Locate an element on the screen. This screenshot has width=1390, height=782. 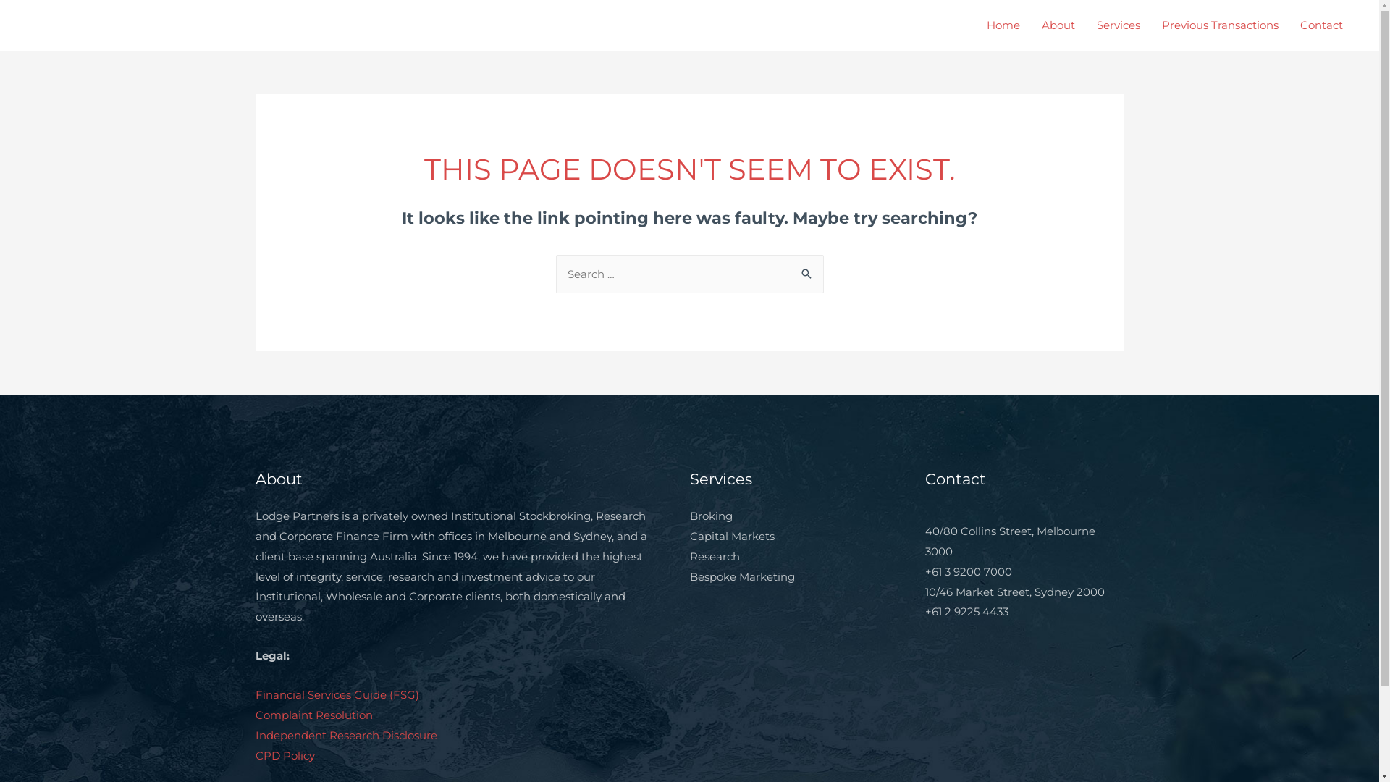
'Capital Markets' is located at coordinates (688, 536).